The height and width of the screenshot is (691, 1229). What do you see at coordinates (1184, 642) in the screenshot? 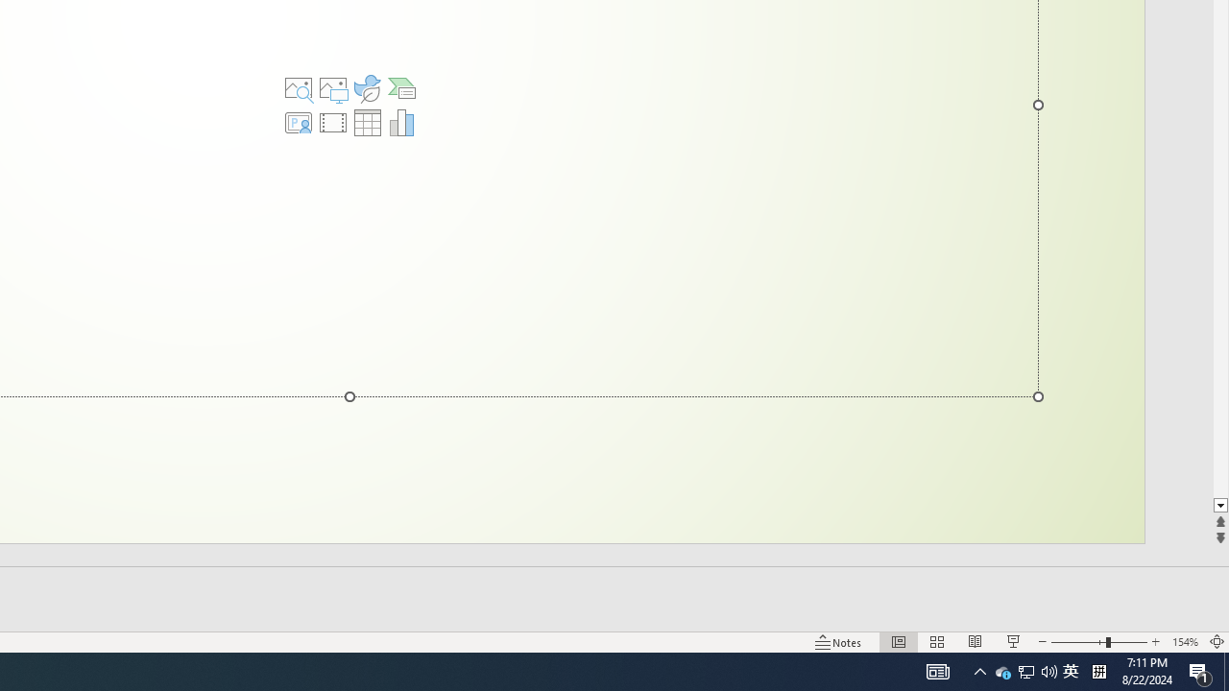
I see `'Zoom 154%'` at bounding box center [1184, 642].